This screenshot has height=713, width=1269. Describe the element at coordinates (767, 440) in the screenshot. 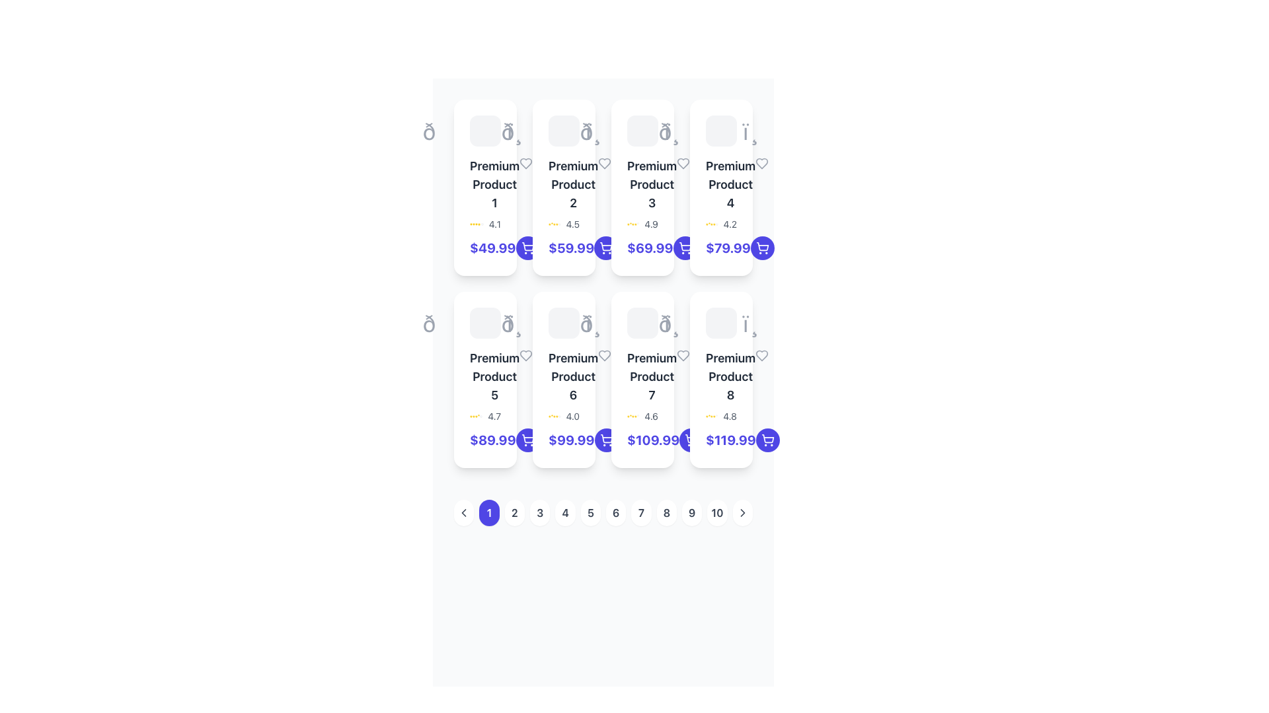

I see `the interactive button located at the bottom-right corner of the card for 'Premium Product 8'` at that location.